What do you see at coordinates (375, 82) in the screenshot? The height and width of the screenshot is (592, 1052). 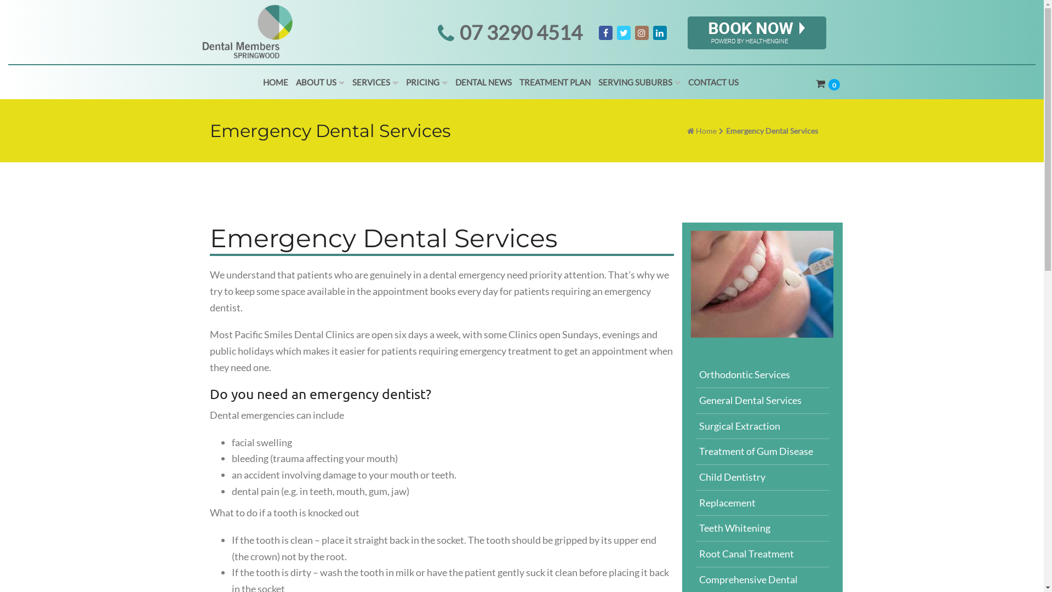 I see `'SERVICES'` at bounding box center [375, 82].